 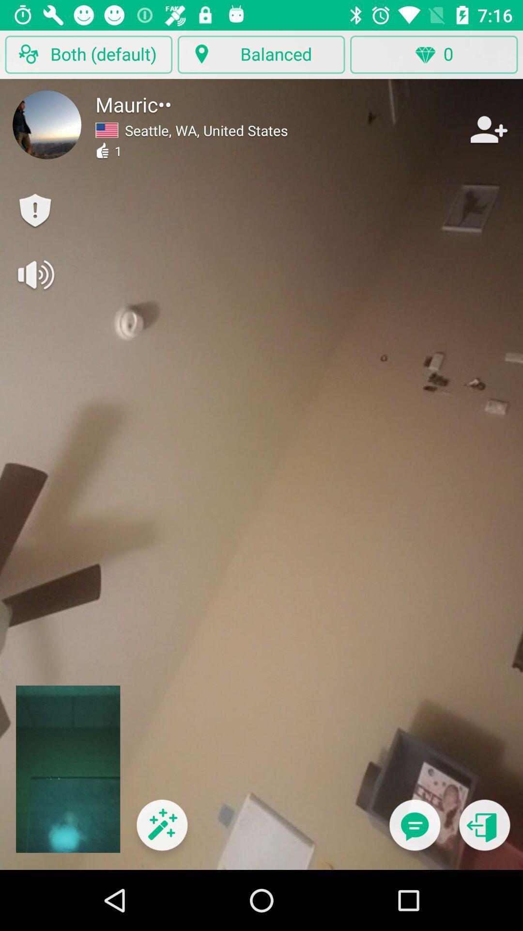 I want to click on enhance, so click(x=161, y=831).